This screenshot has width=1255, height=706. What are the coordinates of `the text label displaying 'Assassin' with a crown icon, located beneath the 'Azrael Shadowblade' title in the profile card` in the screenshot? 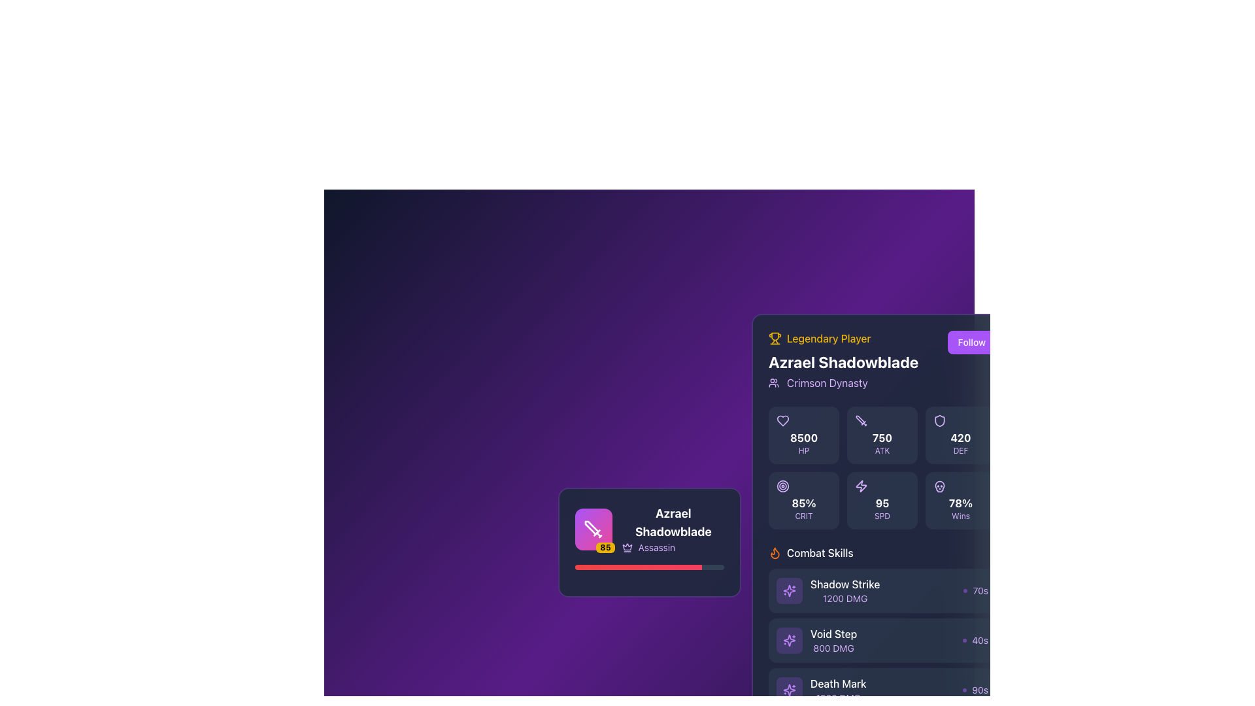 It's located at (673, 547).